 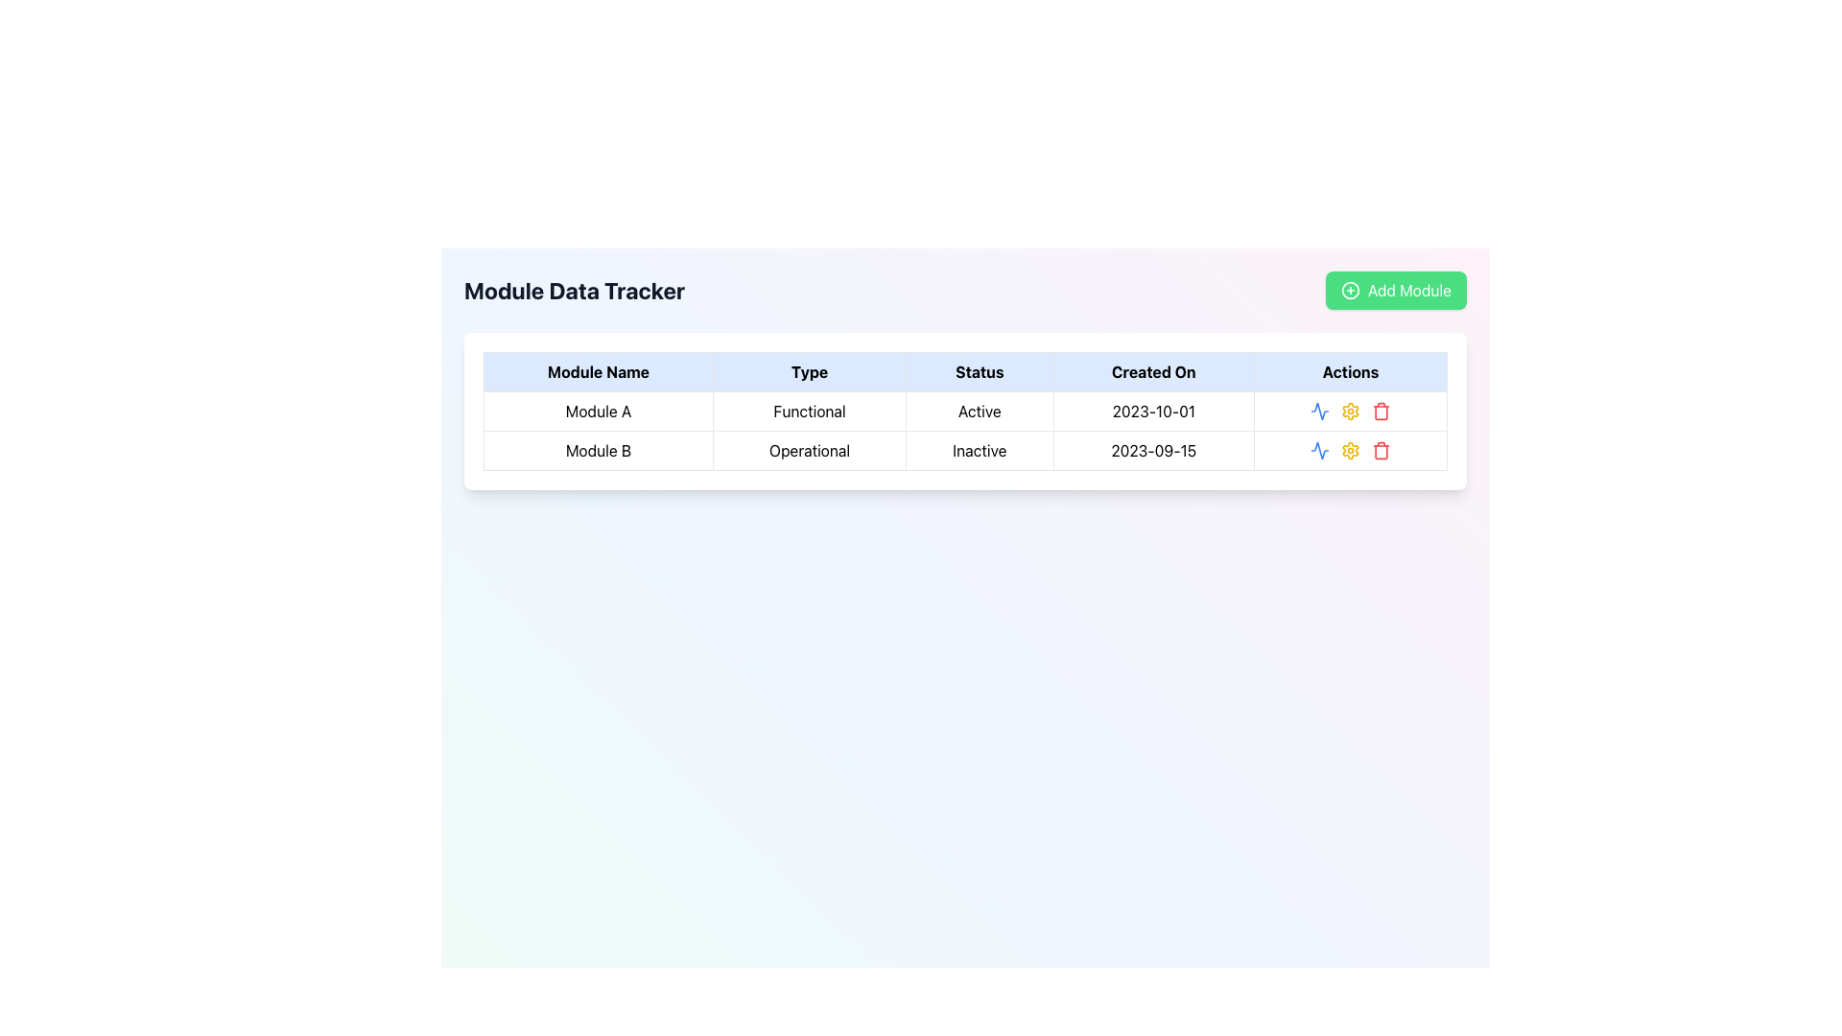 I want to click on the static text displaying the creation date of a module entry located in the fourth column of the first row under the header 'Created On', so click(x=1152, y=410).